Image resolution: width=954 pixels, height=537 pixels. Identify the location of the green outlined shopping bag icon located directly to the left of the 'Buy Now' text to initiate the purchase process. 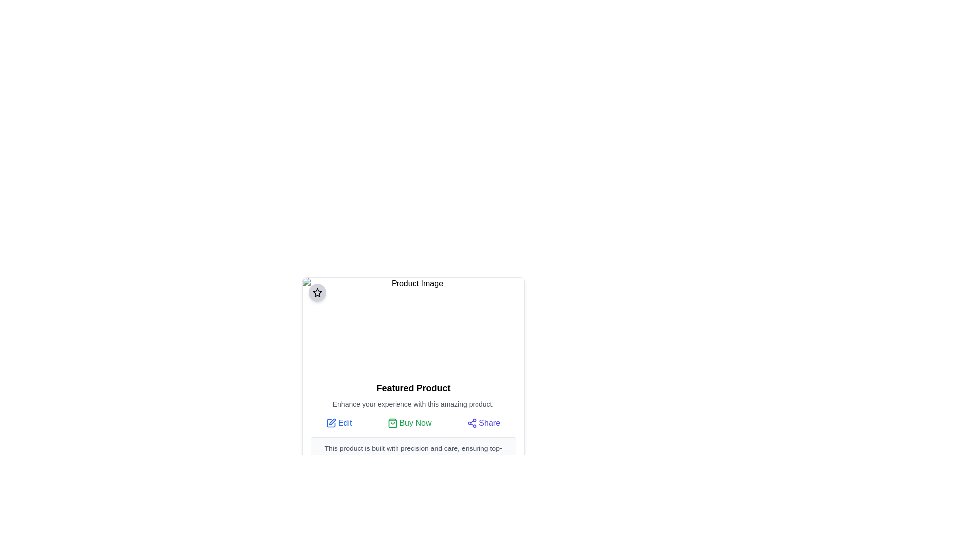
(392, 423).